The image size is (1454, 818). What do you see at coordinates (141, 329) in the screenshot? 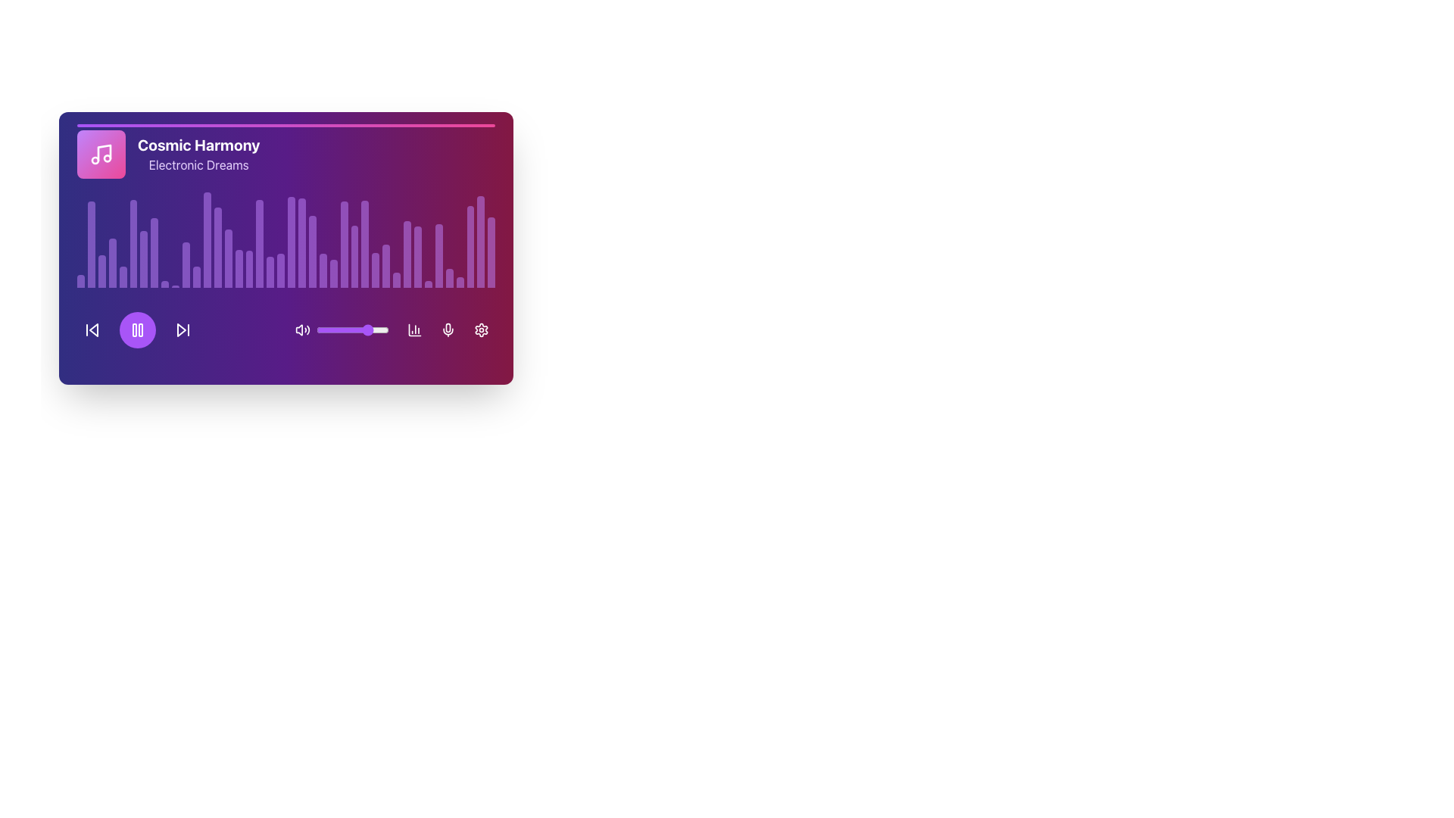
I see `the second vertical bar of the pause icon, which is characterized by a purple outline and is located within a circular button at the bottom-left corner of the interface` at bounding box center [141, 329].